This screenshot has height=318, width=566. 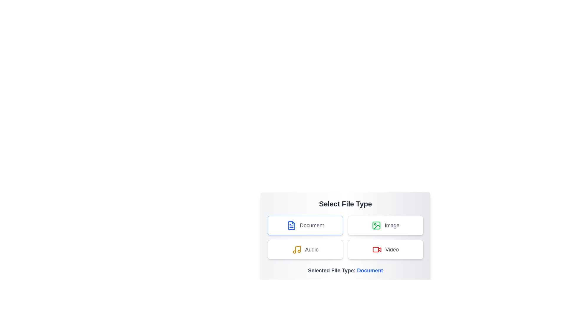 What do you see at coordinates (376, 225) in the screenshot?
I see `the green rounded square frame that is part of an image icon representing a file type option` at bounding box center [376, 225].